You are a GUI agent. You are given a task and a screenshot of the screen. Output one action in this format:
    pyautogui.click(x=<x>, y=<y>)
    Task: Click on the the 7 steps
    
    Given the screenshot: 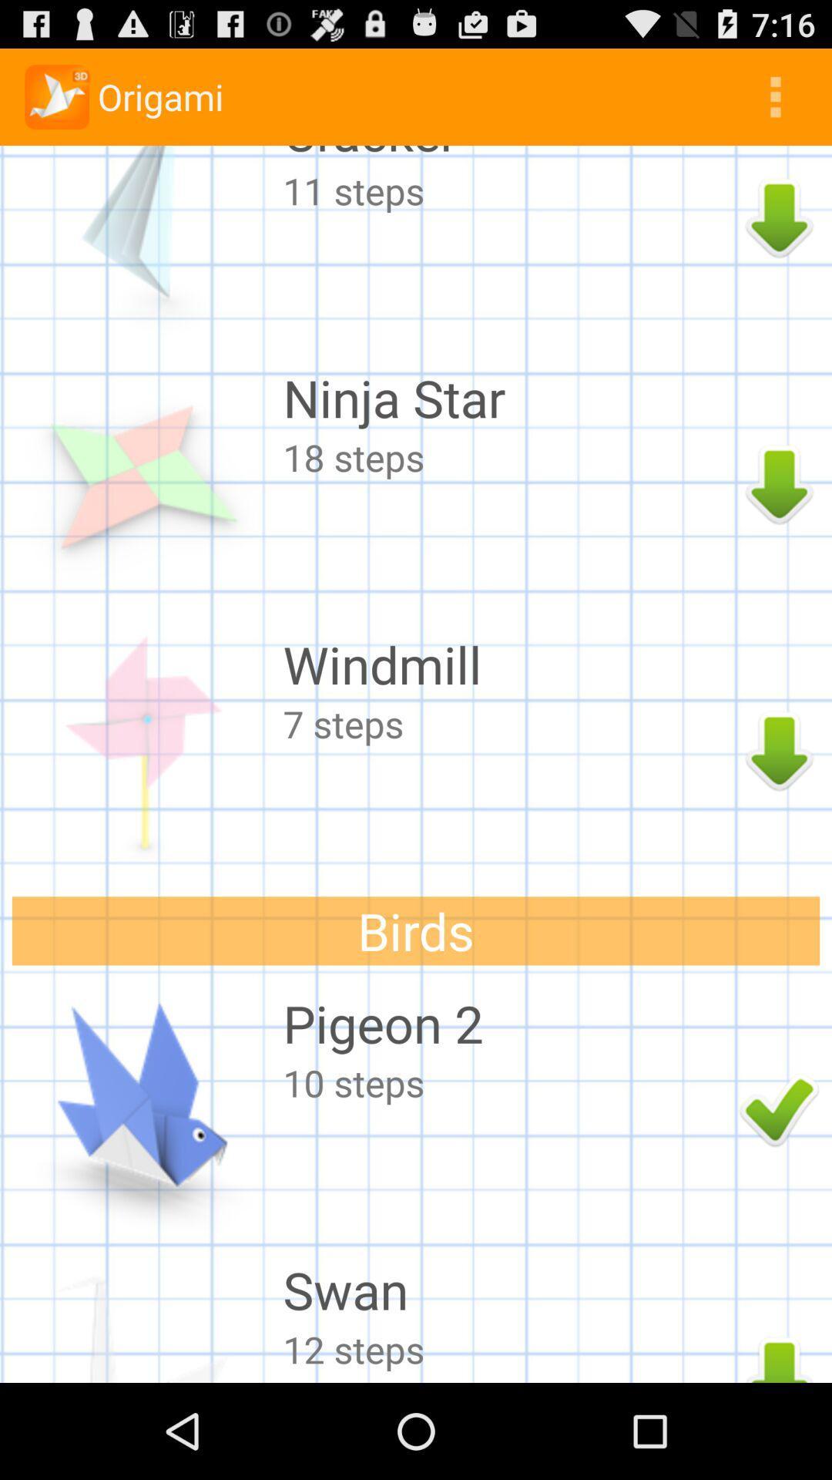 What is the action you would take?
    pyautogui.click(x=507, y=723)
    